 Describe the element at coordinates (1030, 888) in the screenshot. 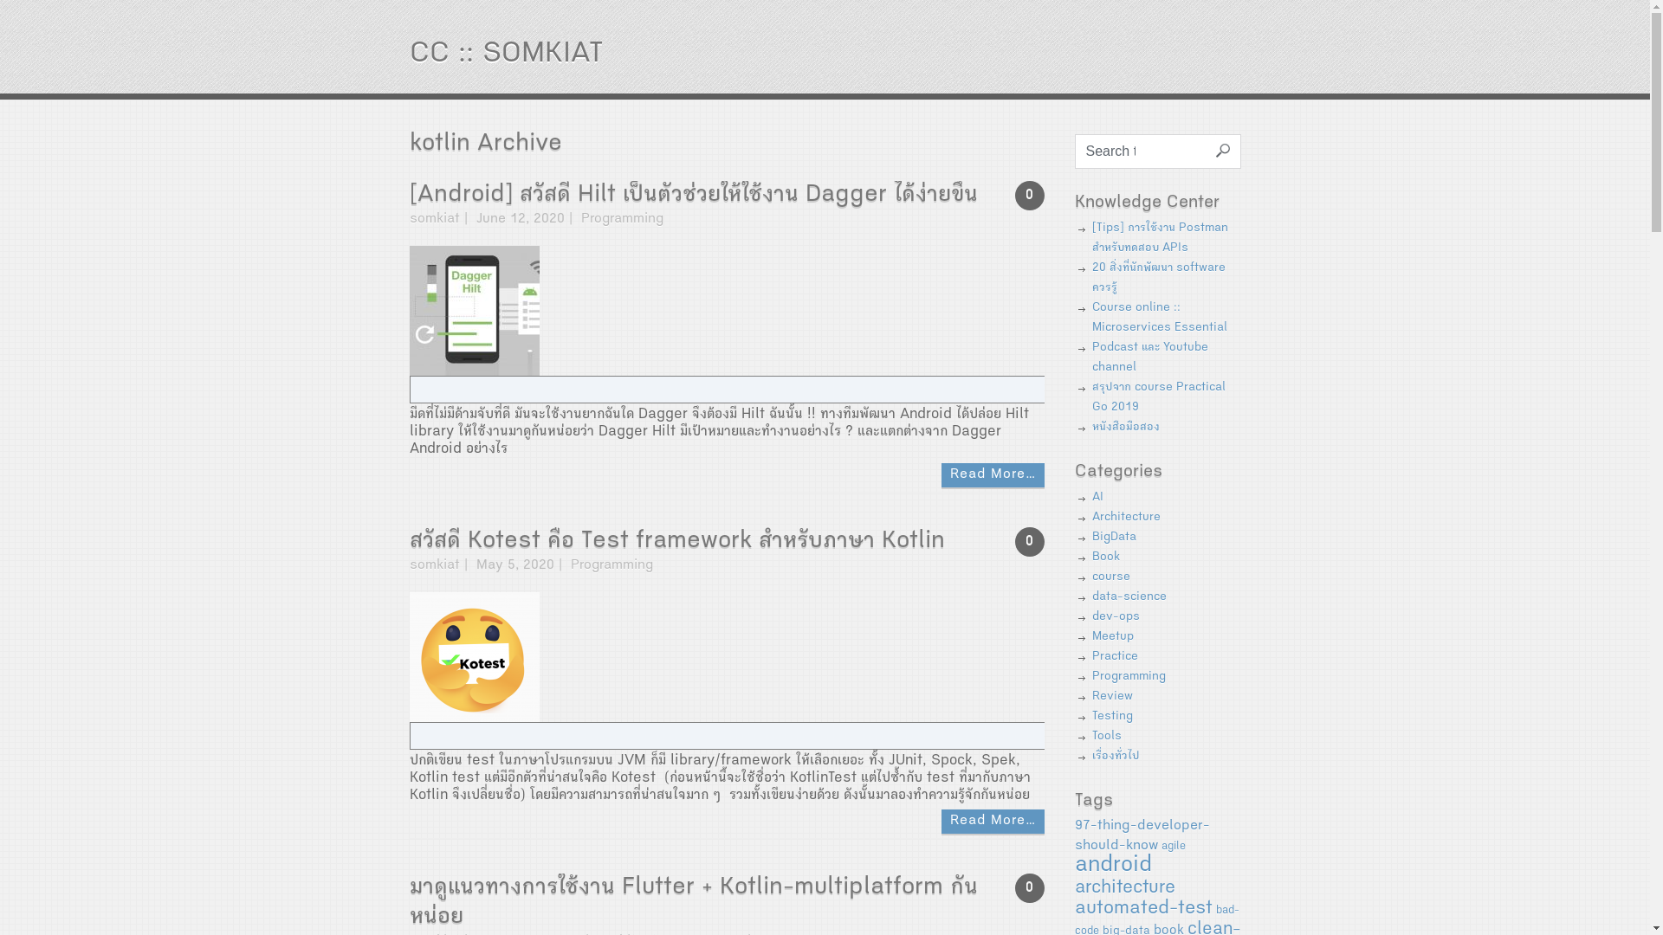

I see `'0'` at that location.